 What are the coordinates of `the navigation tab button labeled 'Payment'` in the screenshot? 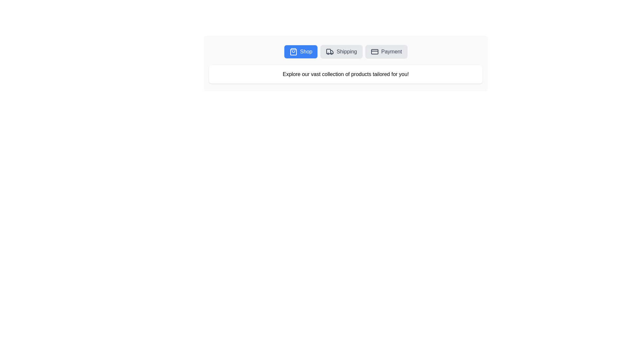 It's located at (386, 51).